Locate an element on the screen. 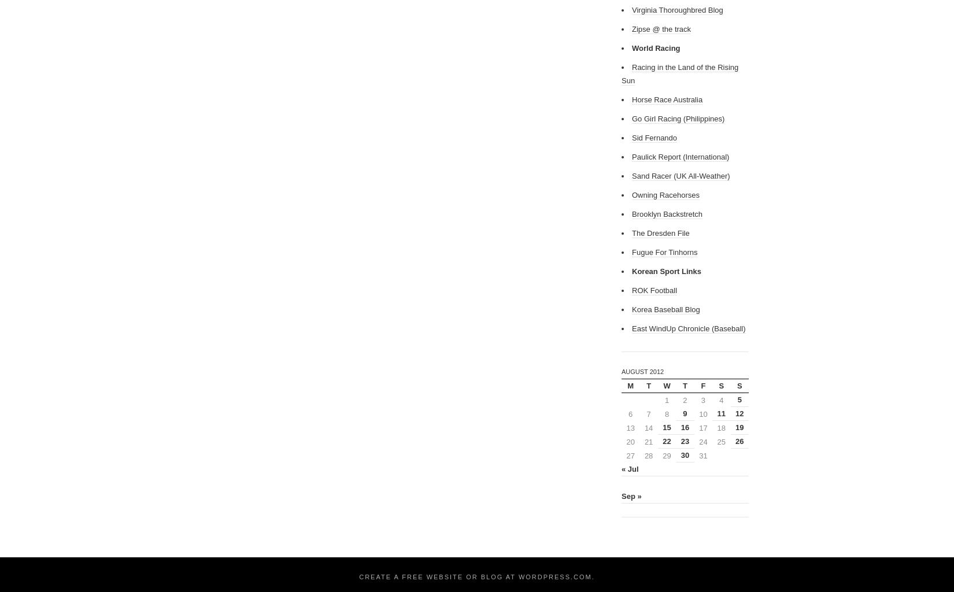 The height and width of the screenshot is (592, 954). 'Fugue For Tinhorns' is located at coordinates (664, 252).